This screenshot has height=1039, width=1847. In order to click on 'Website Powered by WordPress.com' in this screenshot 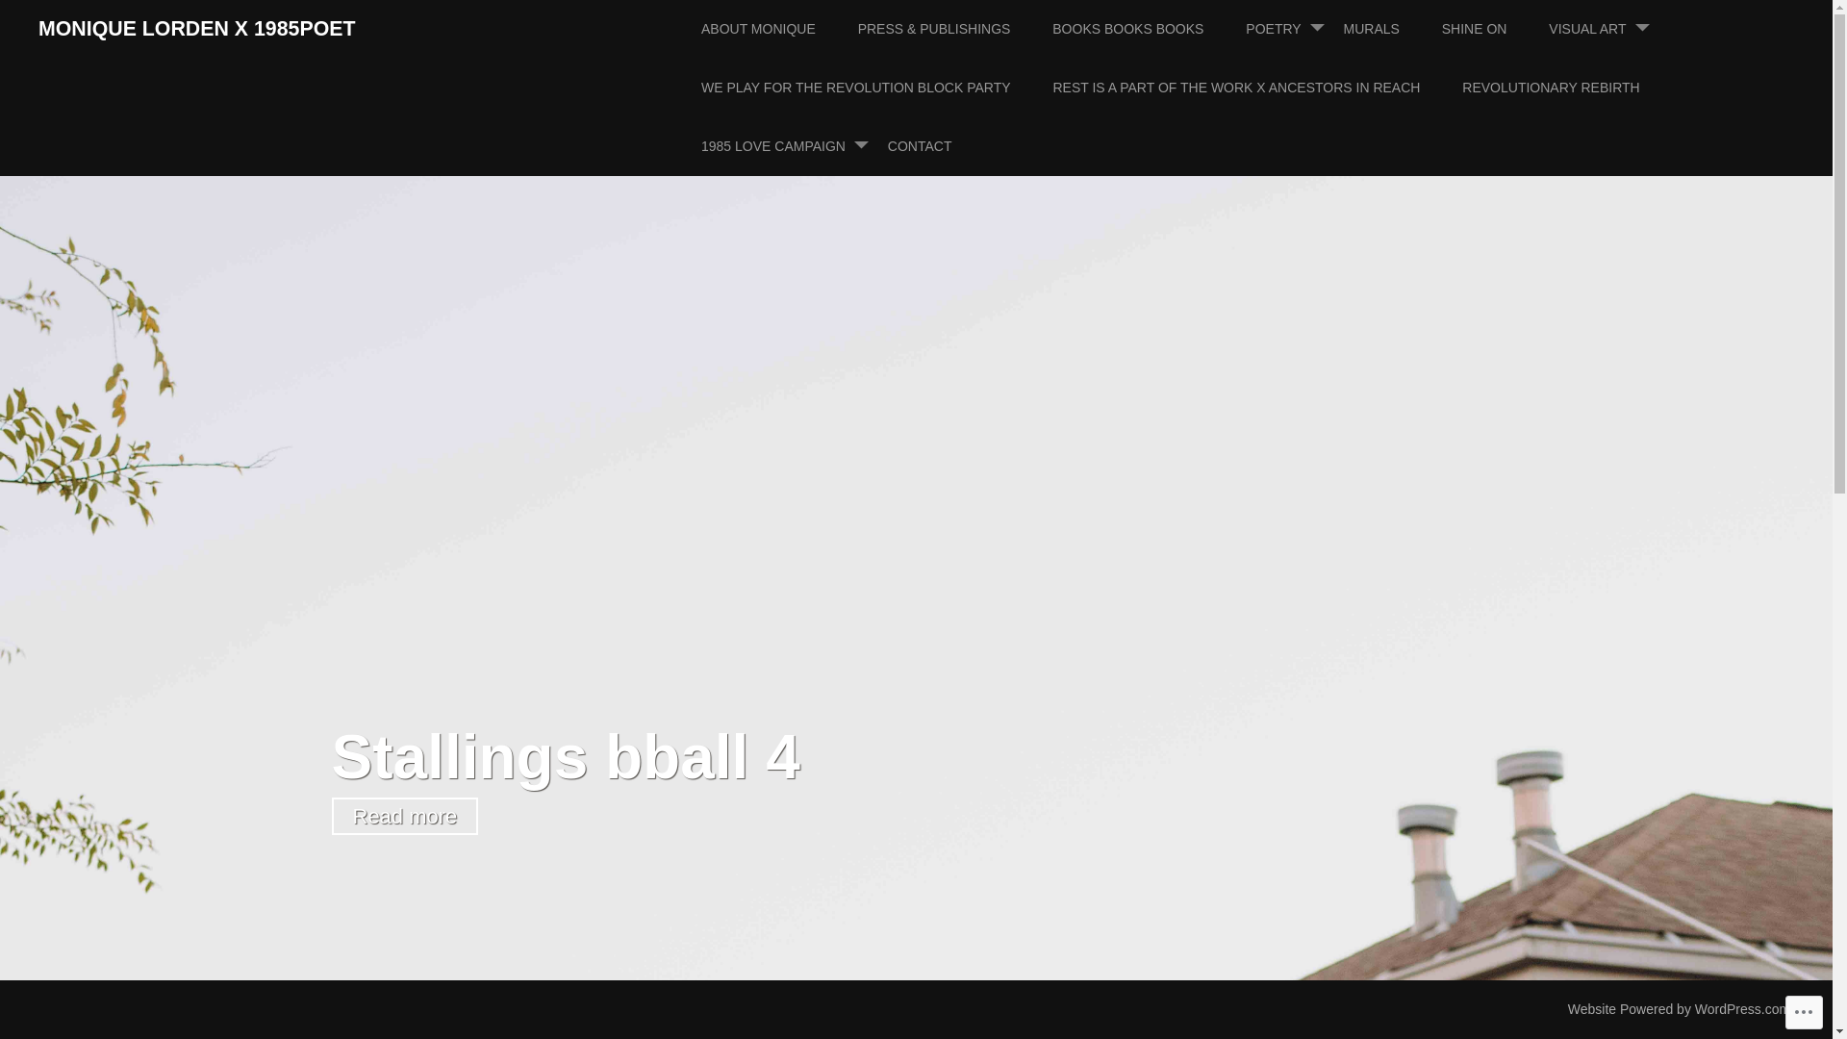, I will do `click(1678, 1008)`.